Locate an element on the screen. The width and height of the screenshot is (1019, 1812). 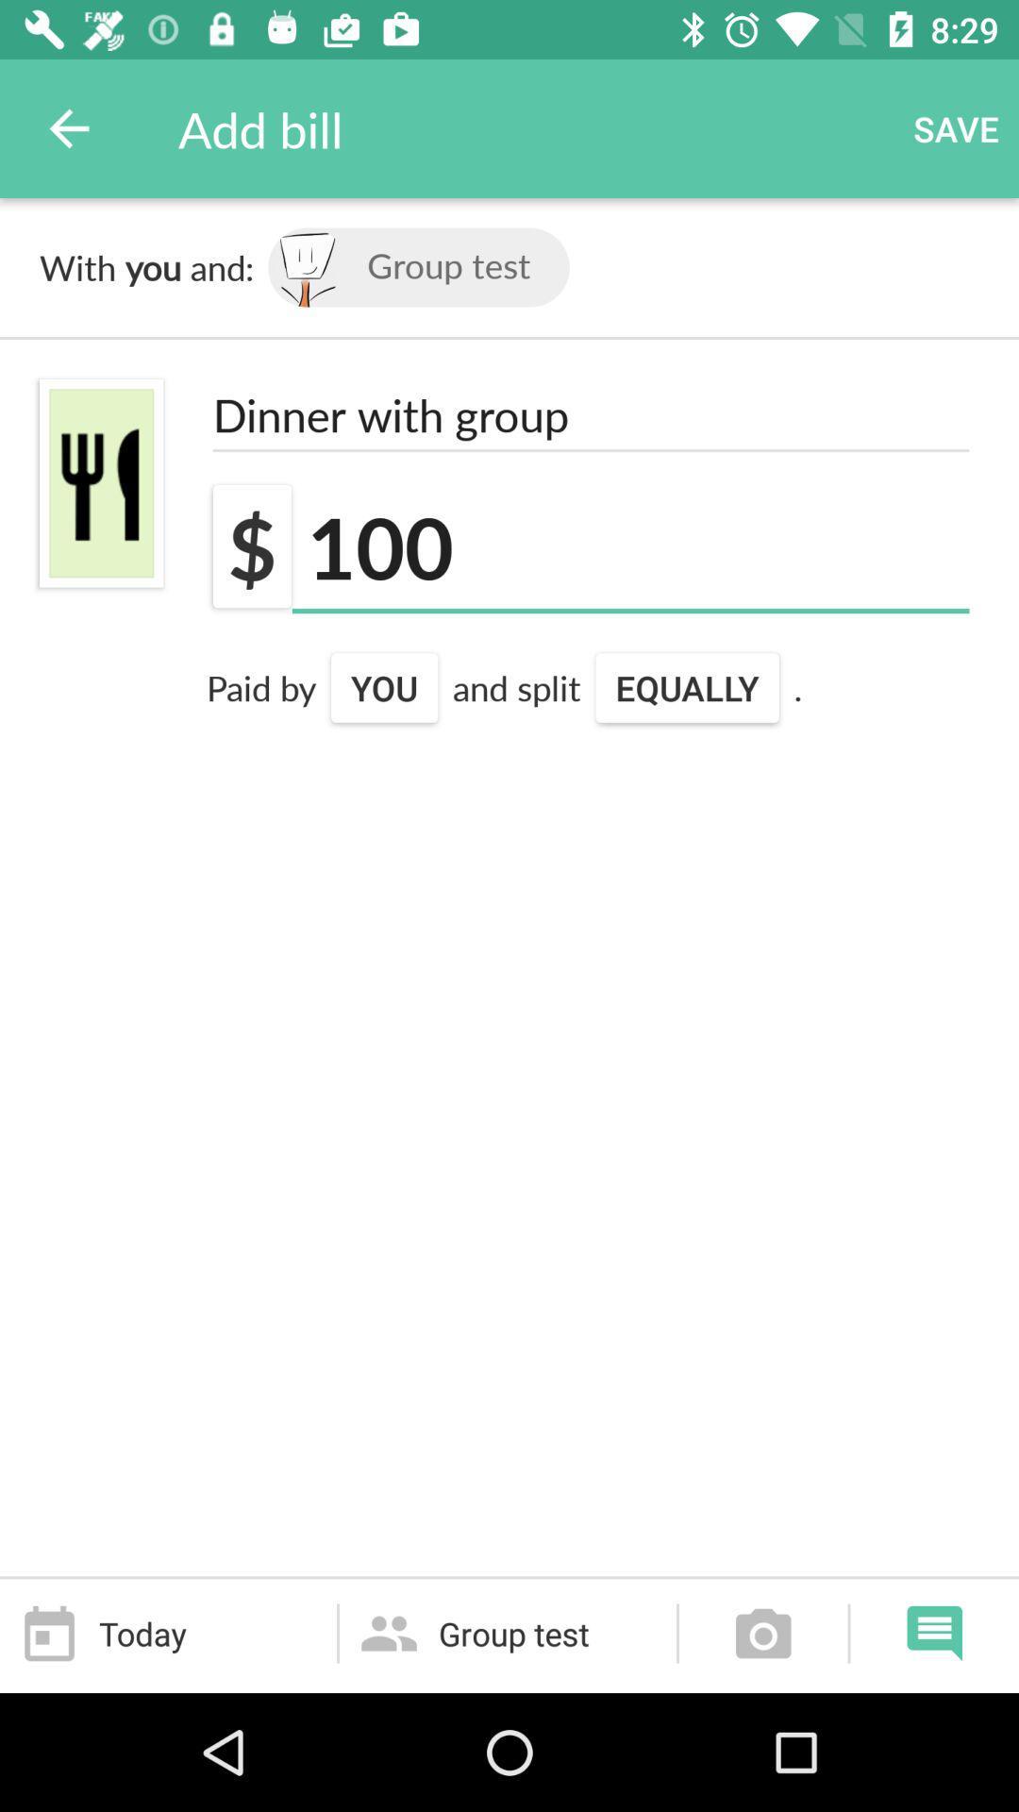
the photo icon is located at coordinates (762, 1633).